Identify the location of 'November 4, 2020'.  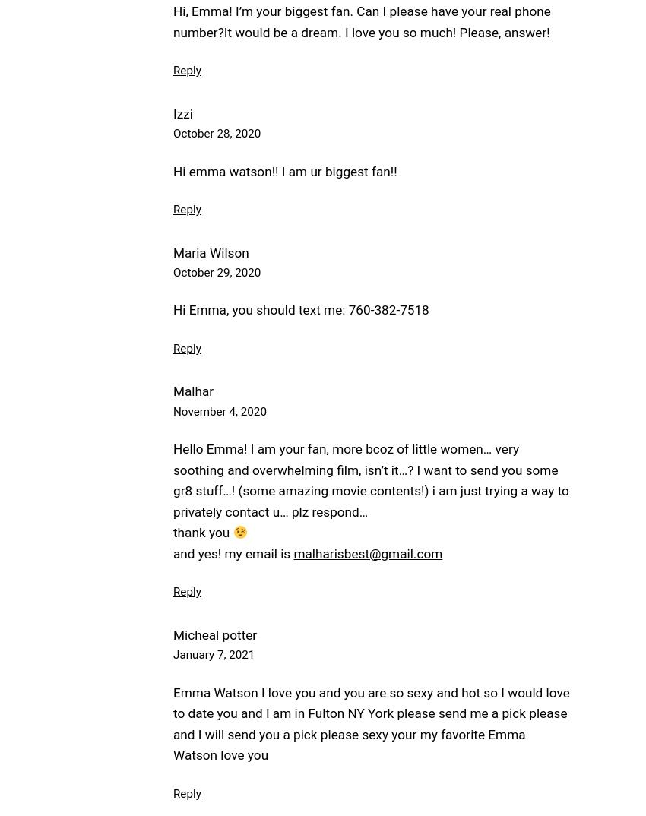
(219, 410).